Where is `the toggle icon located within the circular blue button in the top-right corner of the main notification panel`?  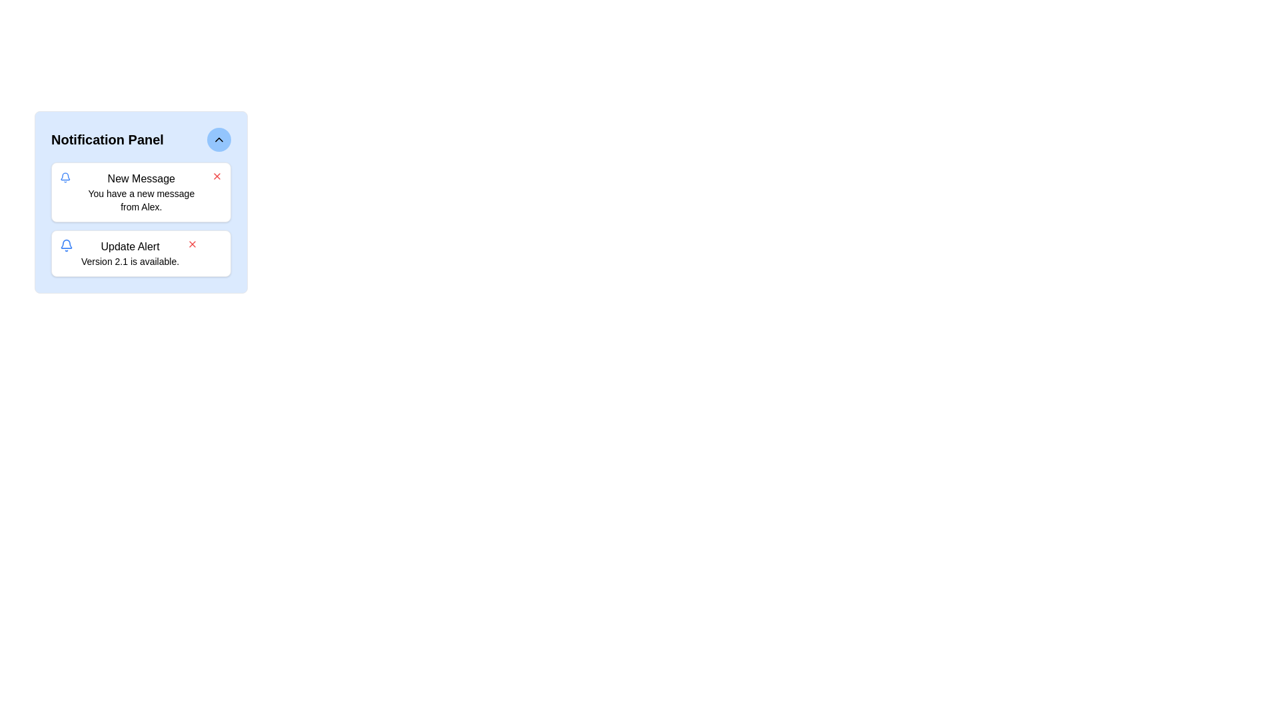
the toggle icon located within the circular blue button in the top-right corner of the main notification panel is located at coordinates (219, 139).